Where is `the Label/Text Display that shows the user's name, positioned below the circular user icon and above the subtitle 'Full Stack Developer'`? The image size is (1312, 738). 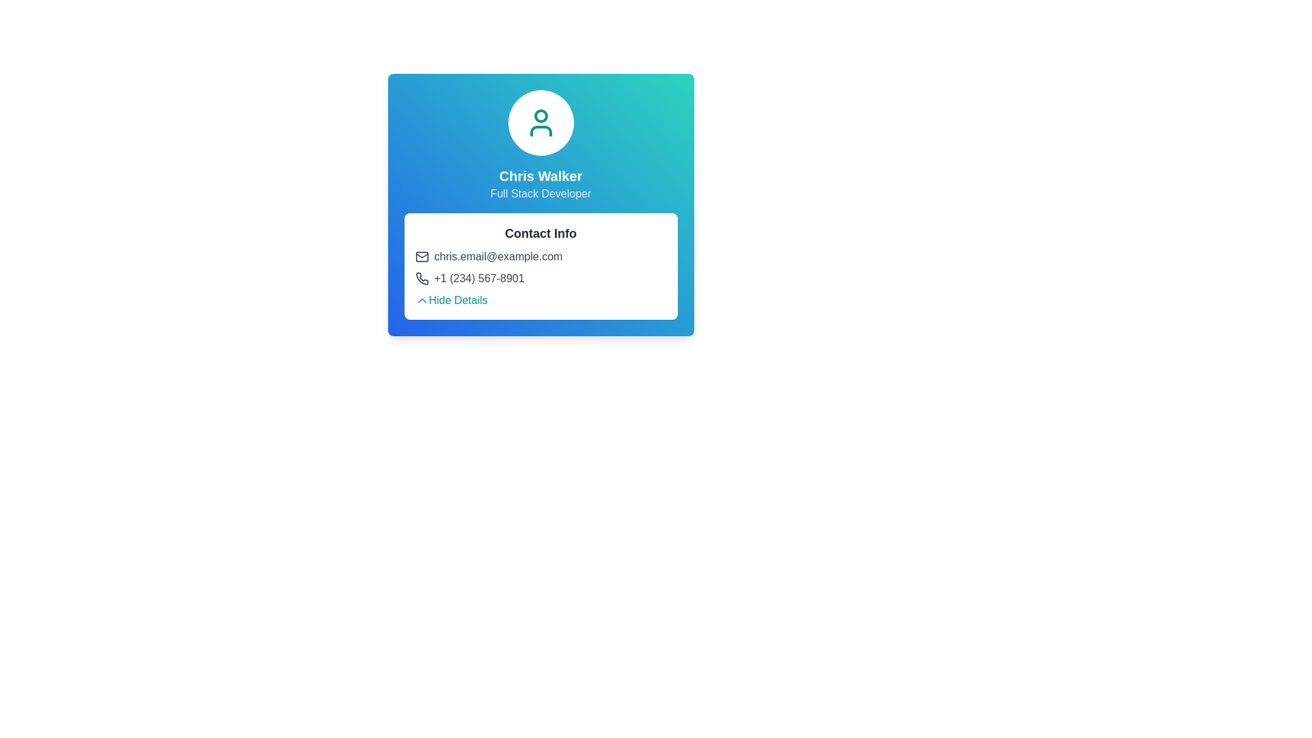 the Label/Text Display that shows the user's name, positioned below the circular user icon and above the subtitle 'Full Stack Developer' is located at coordinates (540, 176).